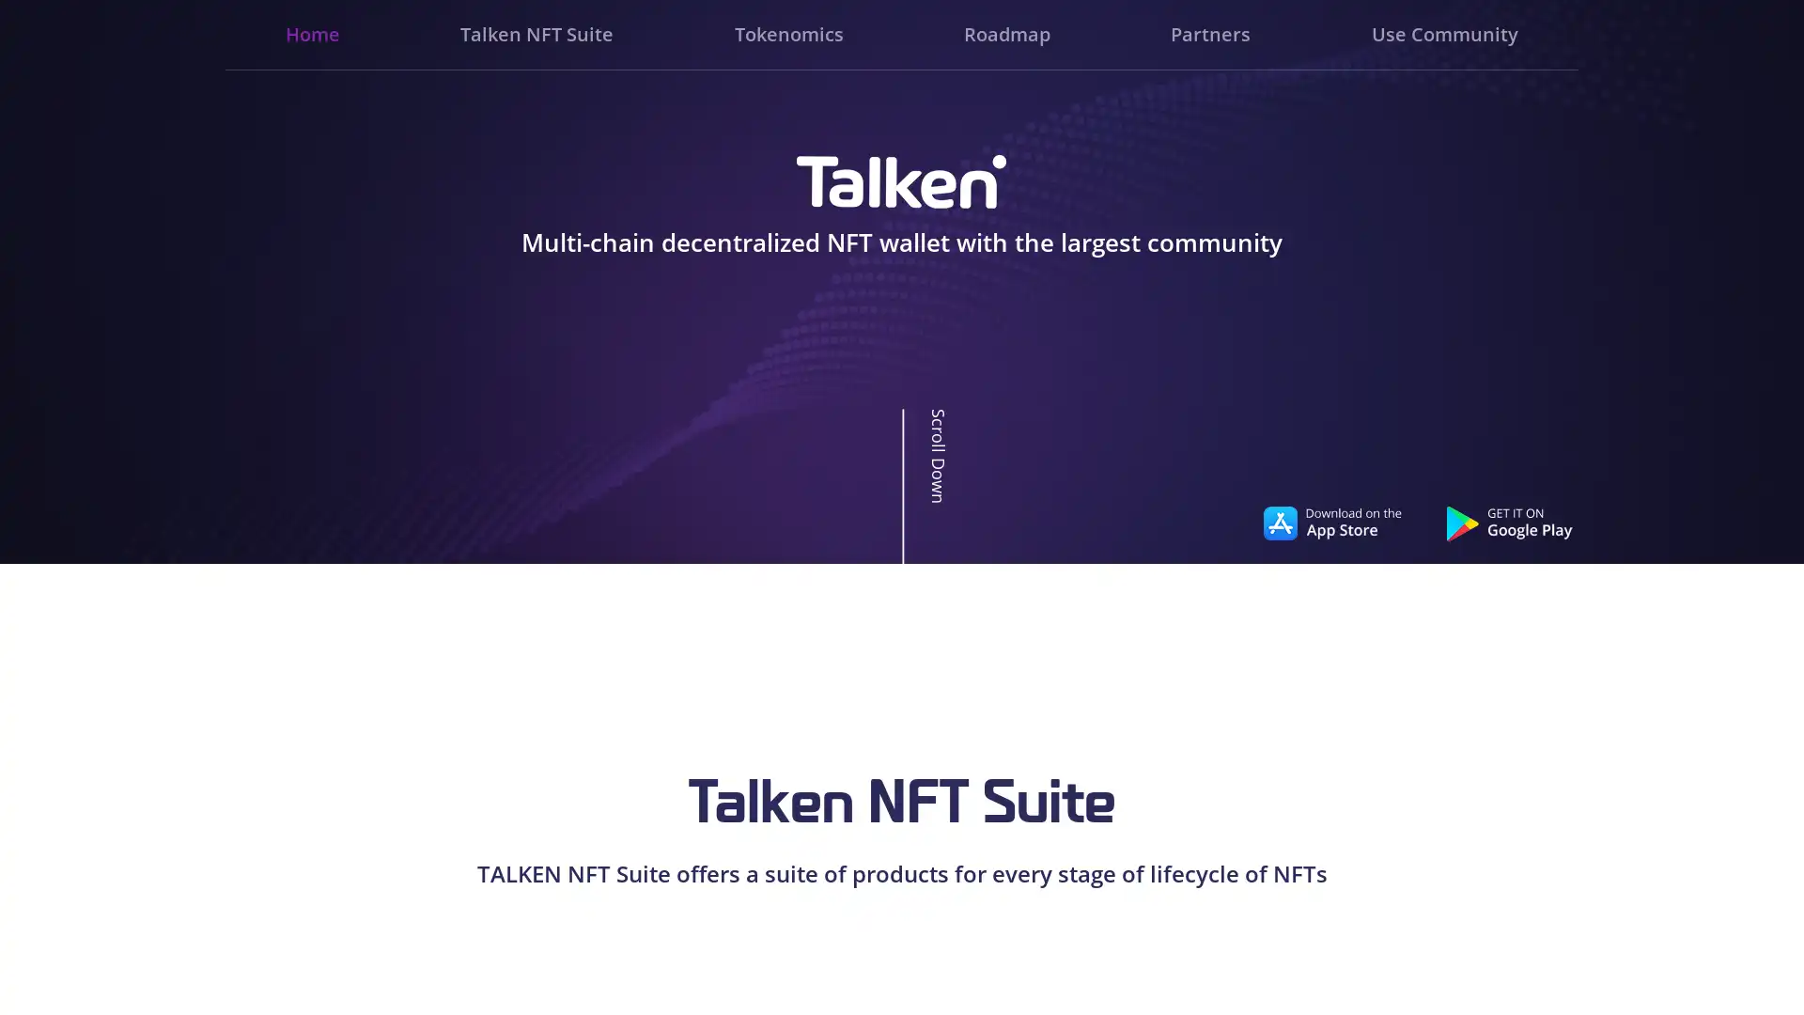 The height and width of the screenshot is (1015, 1804). Describe the element at coordinates (293, 797) in the screenshot. I see `Go to slide 1` at that location.